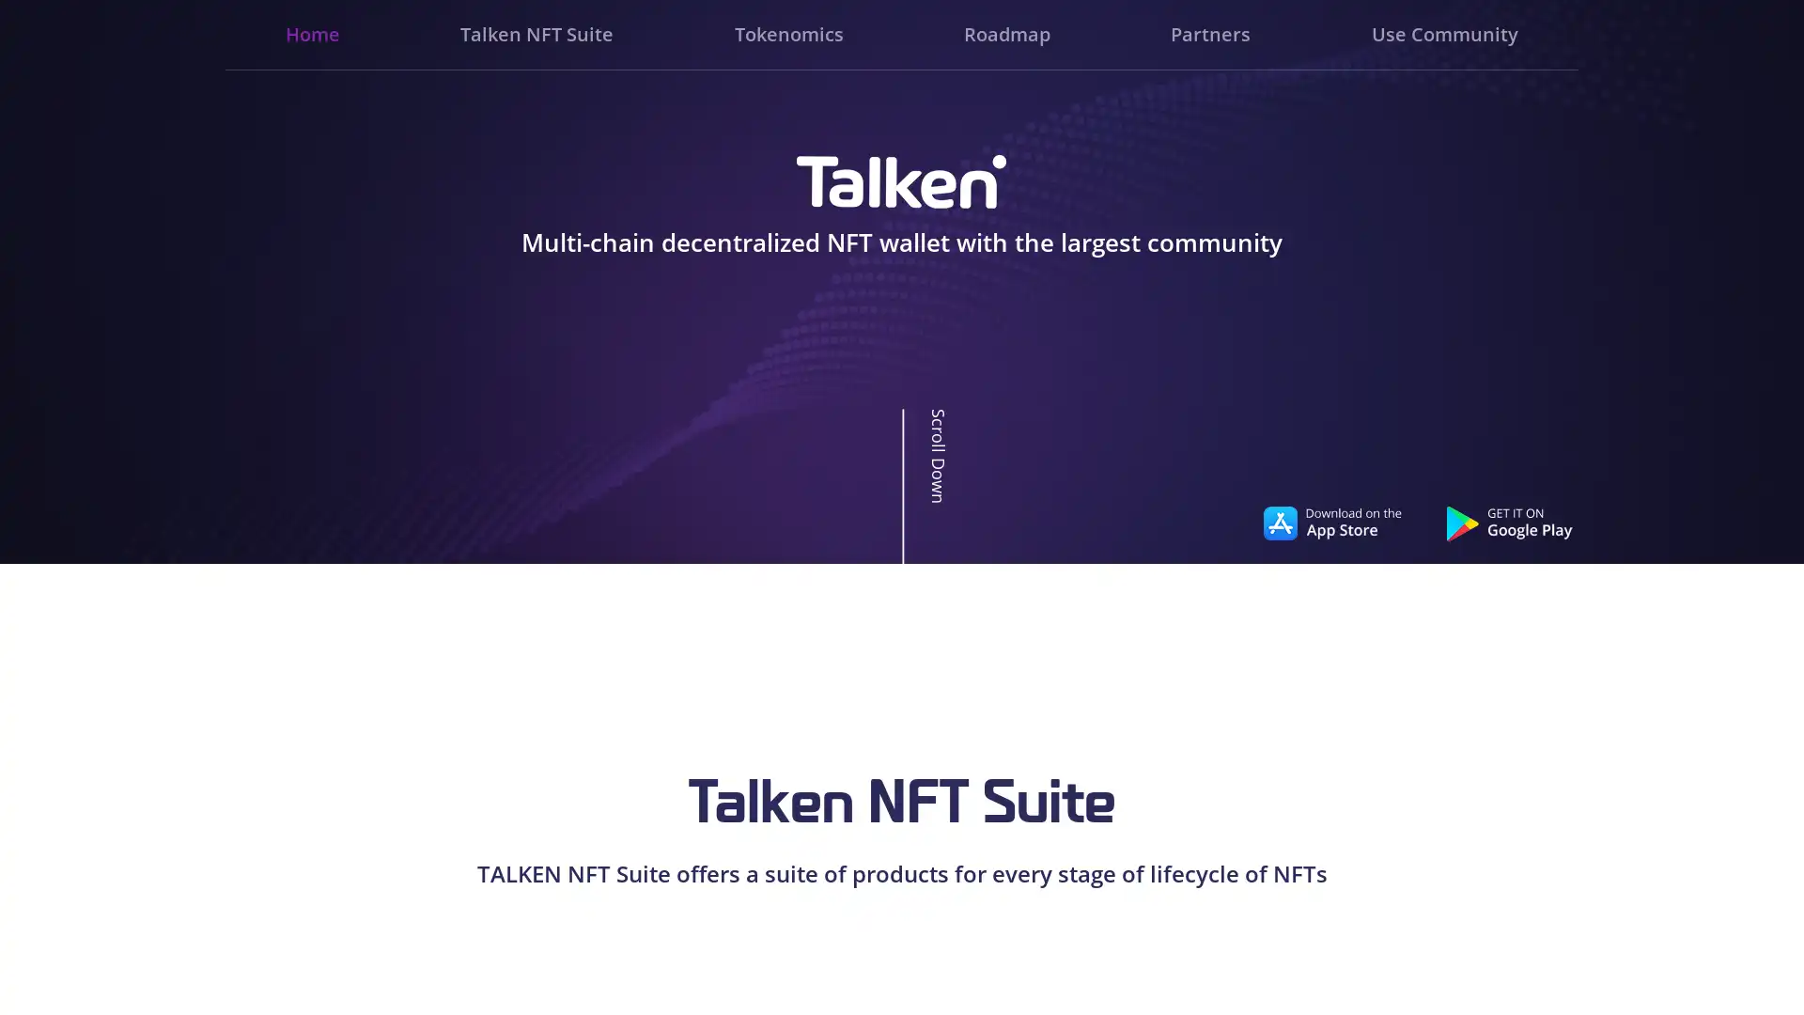 The height and width of the screenshot is (1015, 1804). Describe the element at coordinates (293, 797) in the screenshot. I see `Go to slide 1` at that location.